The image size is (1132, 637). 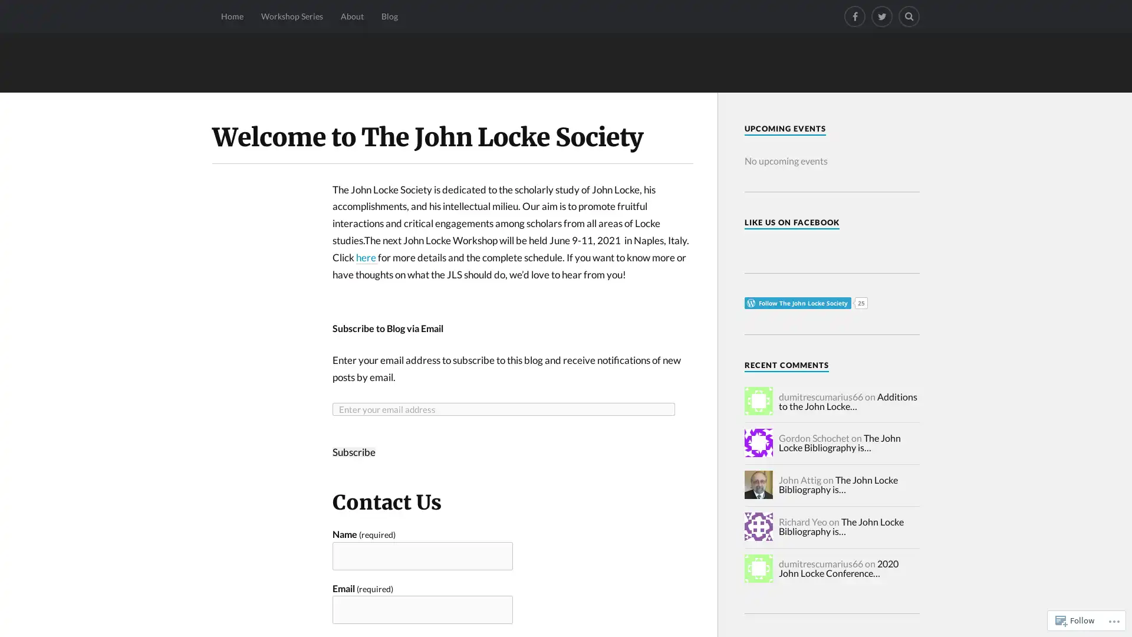 What do you see at coordinates (353, 451) in the screenshot?
I see `Subscribe` at bounding box center [353, 451].